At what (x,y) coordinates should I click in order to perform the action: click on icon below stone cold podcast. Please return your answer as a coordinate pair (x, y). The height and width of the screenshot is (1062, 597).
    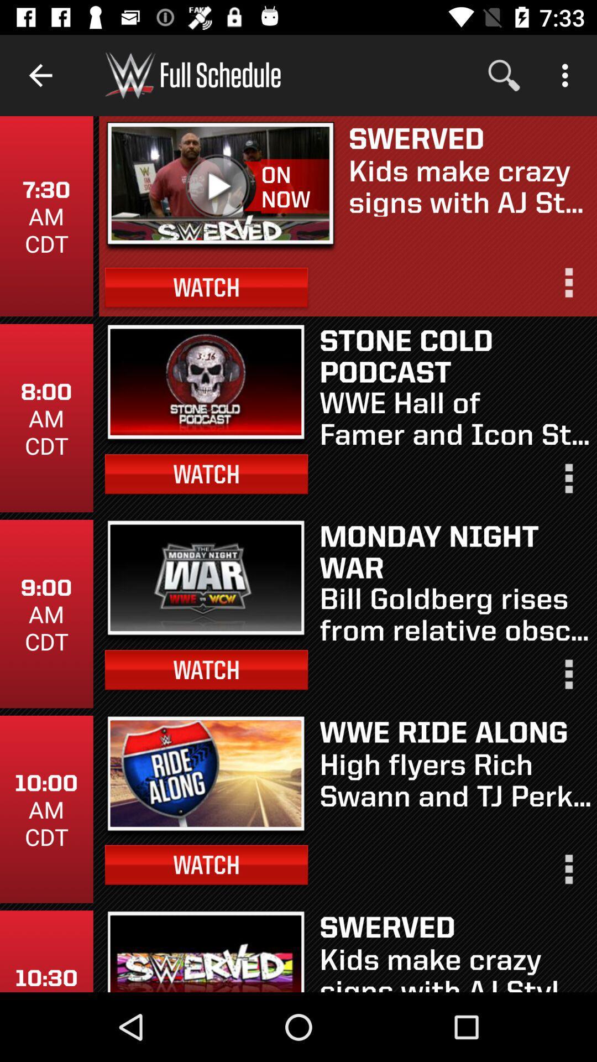
    Looking at the image, I should click on (455, 417).